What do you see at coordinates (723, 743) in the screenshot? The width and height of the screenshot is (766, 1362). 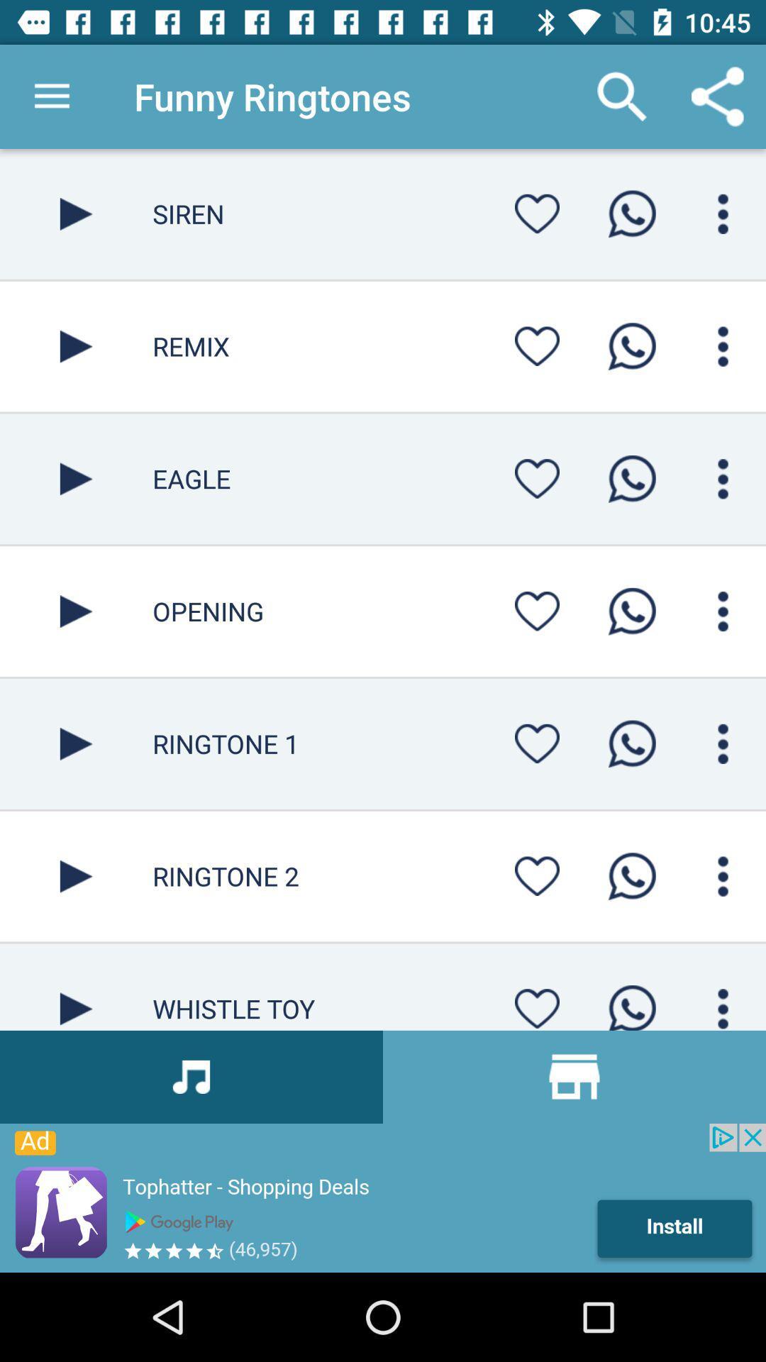 I see `menu page` at bounding box center [723, 743].